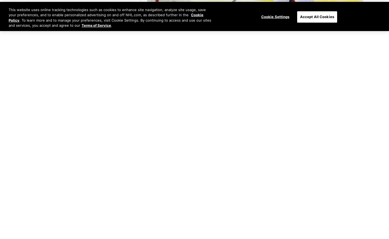 The height and width of the screenshot is (239, 389). What do you see at coordinates (255, 197) in the screenshot?
I see `'The Magnitogorsk, Russia, native has represented his country in several tournaments. Bereglazov tallied two assists and posted a plus-one rating in seven games while helping Russia earn a bronze medal at the 2014 IIHF World Junior Championship, and he was teammates with current Ranger'` at bounding box center [255, 197].